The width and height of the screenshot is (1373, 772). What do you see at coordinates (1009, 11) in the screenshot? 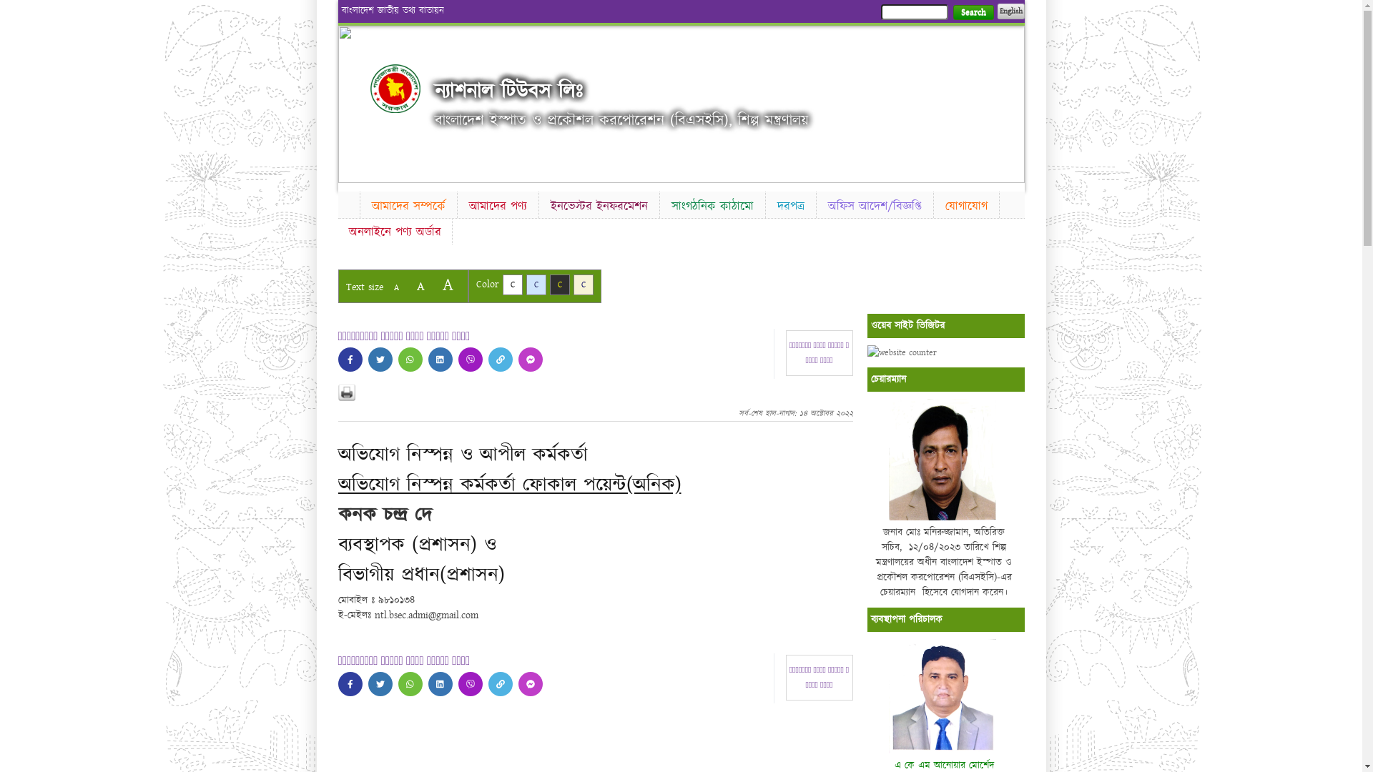
I see `'English'` at bounding box center [1009, 11].